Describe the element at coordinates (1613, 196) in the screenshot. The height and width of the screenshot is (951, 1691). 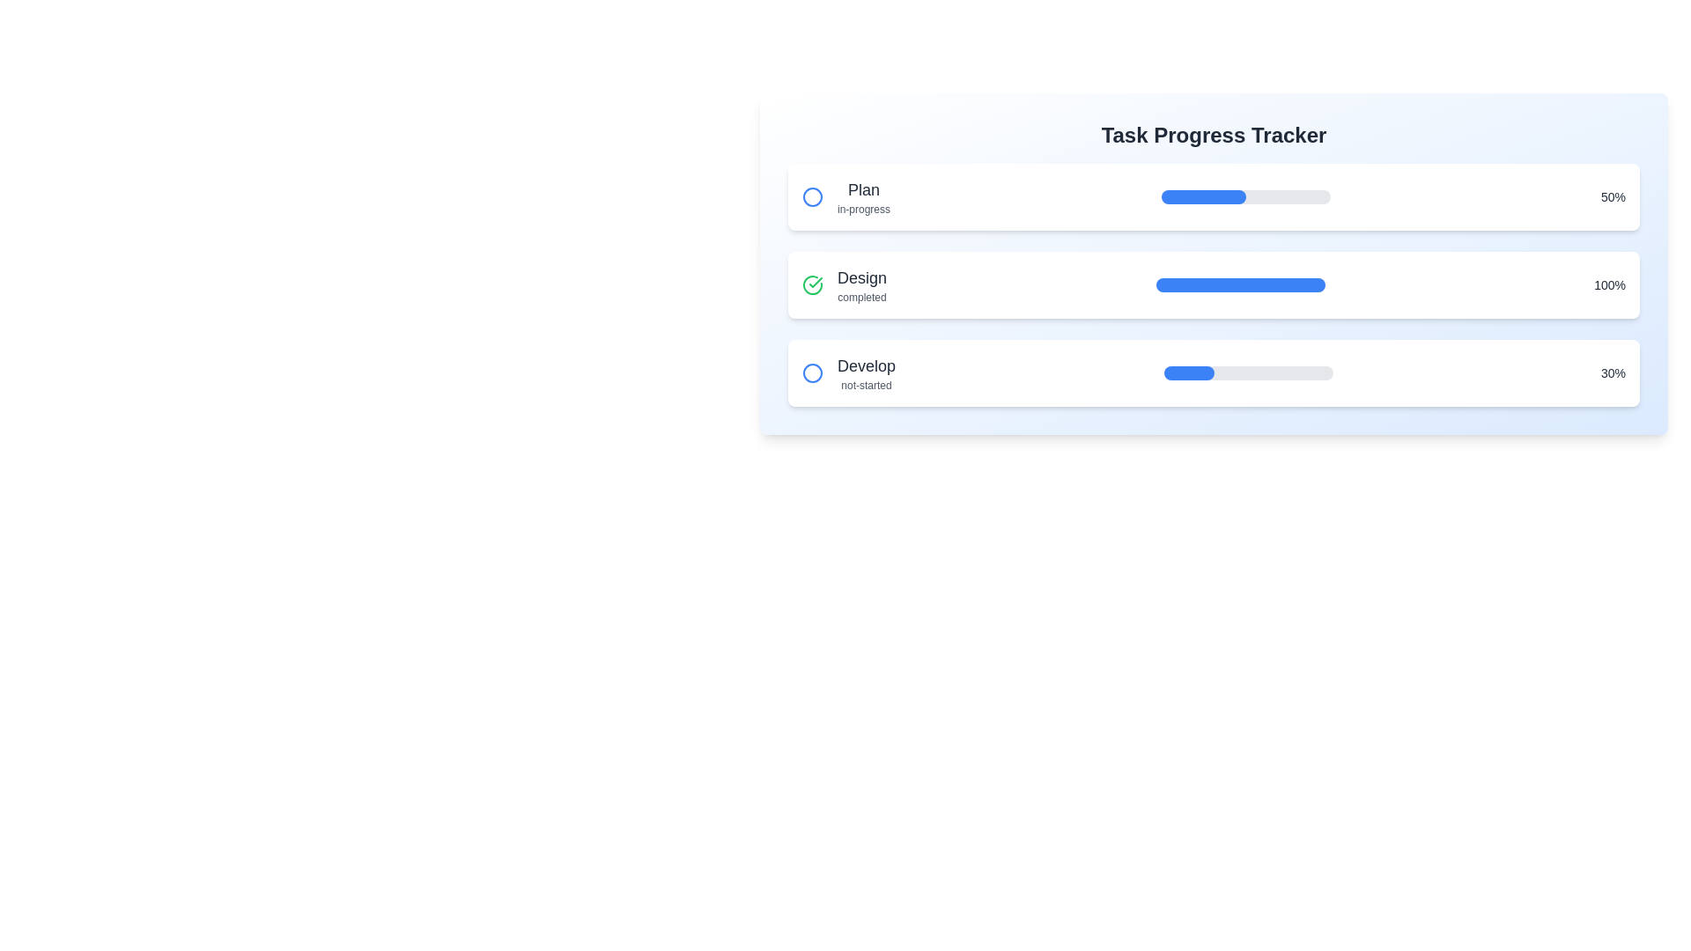
I see `the static text label displaying the progress percentage (50%) for the 'Plan' task, which is located beside a progress bar in the task progress tracker section` at that location.